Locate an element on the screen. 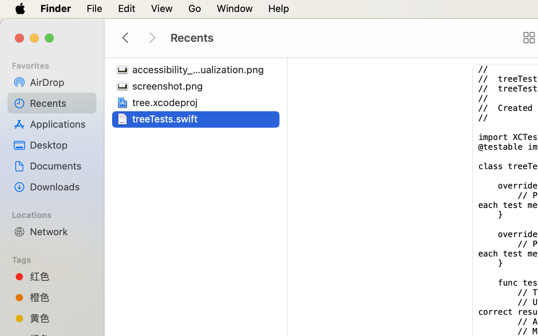  'Tags' is located at coordinates (56, 258).